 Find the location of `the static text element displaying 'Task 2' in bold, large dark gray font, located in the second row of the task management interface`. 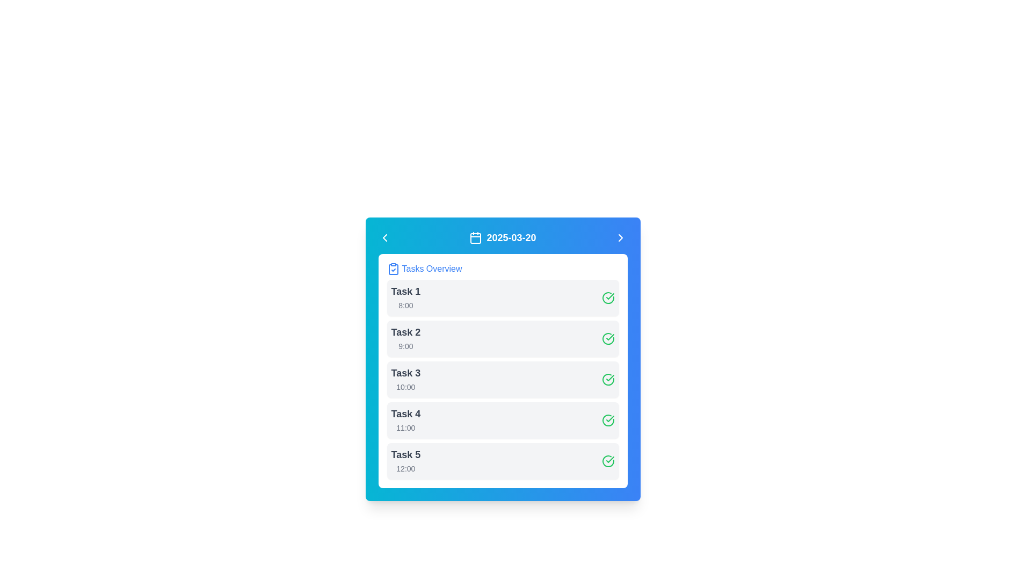

the static text element displaying 'Task 2' in bold, large dark gray font, located in the second row of the task management interface is located at coordinates (405, 331).